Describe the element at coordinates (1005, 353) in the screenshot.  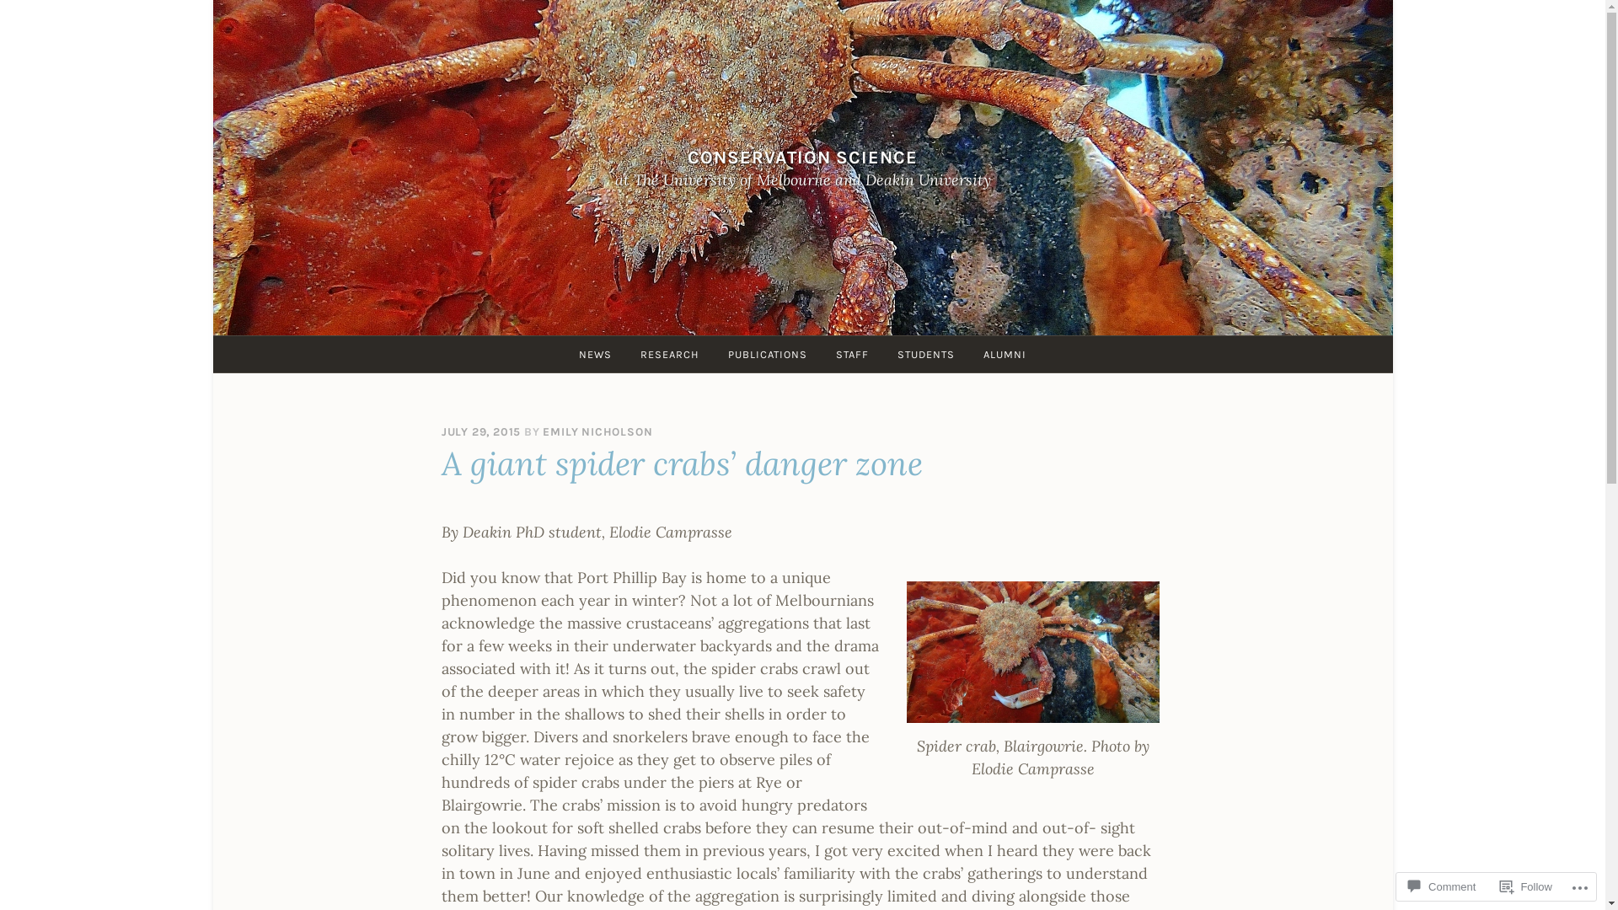
I see `'ALUMNI'` at that location.